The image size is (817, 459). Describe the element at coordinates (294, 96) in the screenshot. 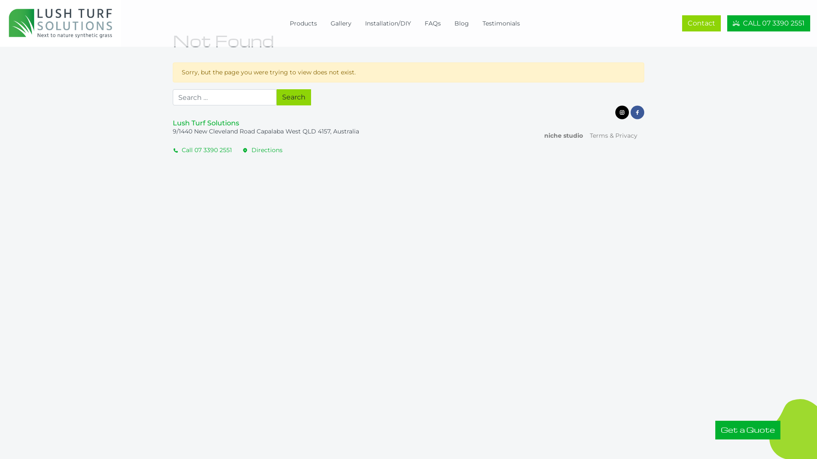

I see `'Search'` at that location.